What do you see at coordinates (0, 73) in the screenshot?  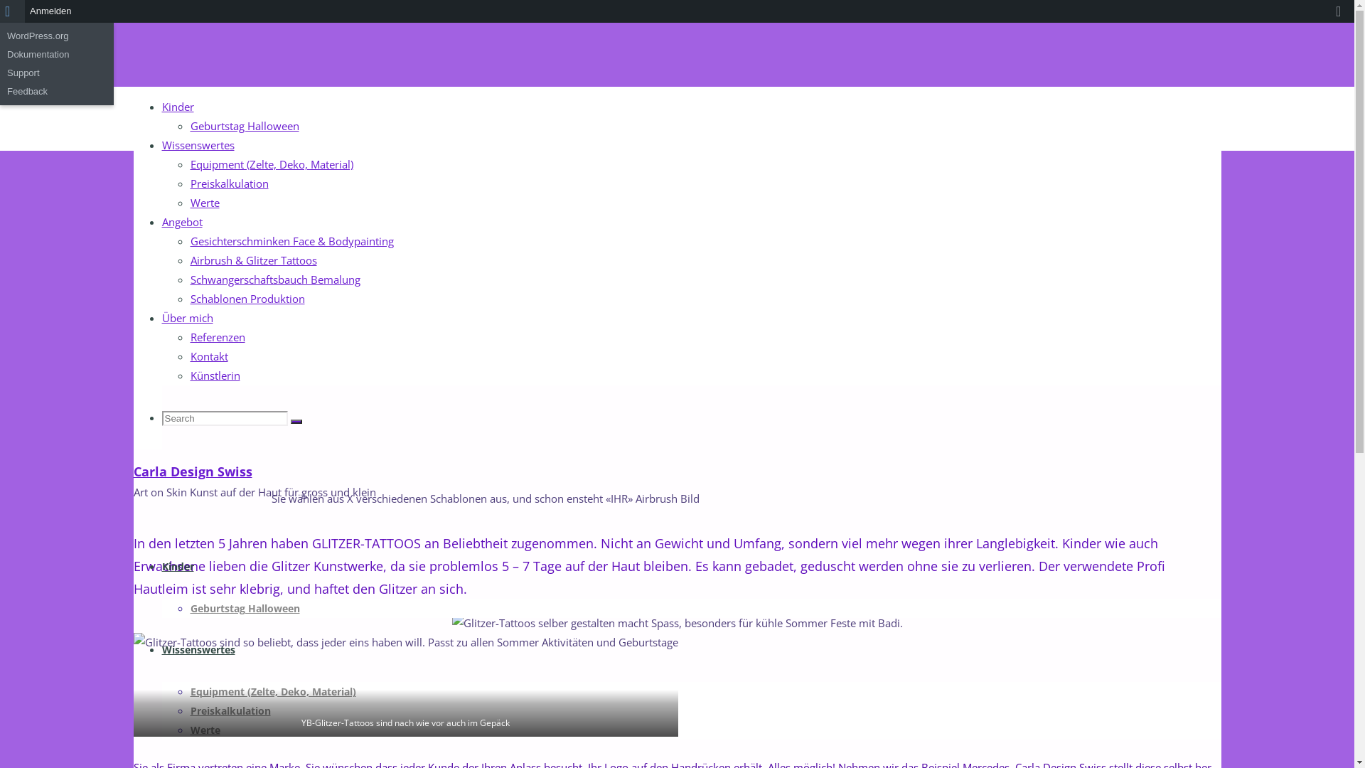 I see `'Support'` at bounding box center [0, 73].